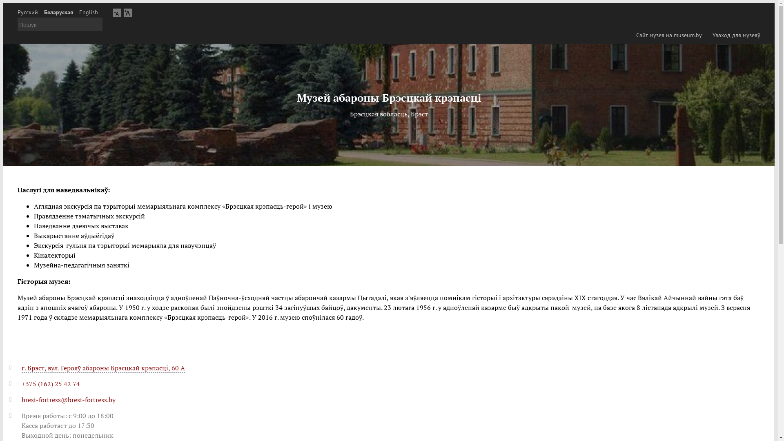  What do you see at coordinates (50, 384) in the screenshot?
I see `'+375 (162) 25 42 74'` at bounding box center [50, 384].